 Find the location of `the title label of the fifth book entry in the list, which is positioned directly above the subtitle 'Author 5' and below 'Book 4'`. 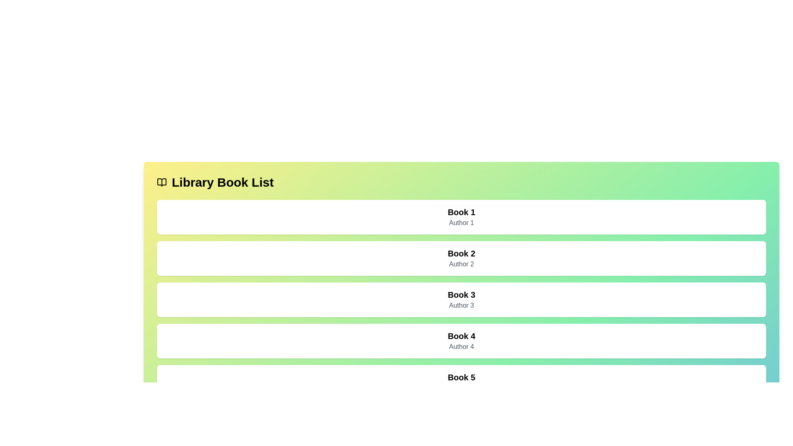

the title label of the fifth book entry in the list, which is positioned directly above the subtitle 'Author 5' and below 'Book 4' is located at coordinates (461, 377).